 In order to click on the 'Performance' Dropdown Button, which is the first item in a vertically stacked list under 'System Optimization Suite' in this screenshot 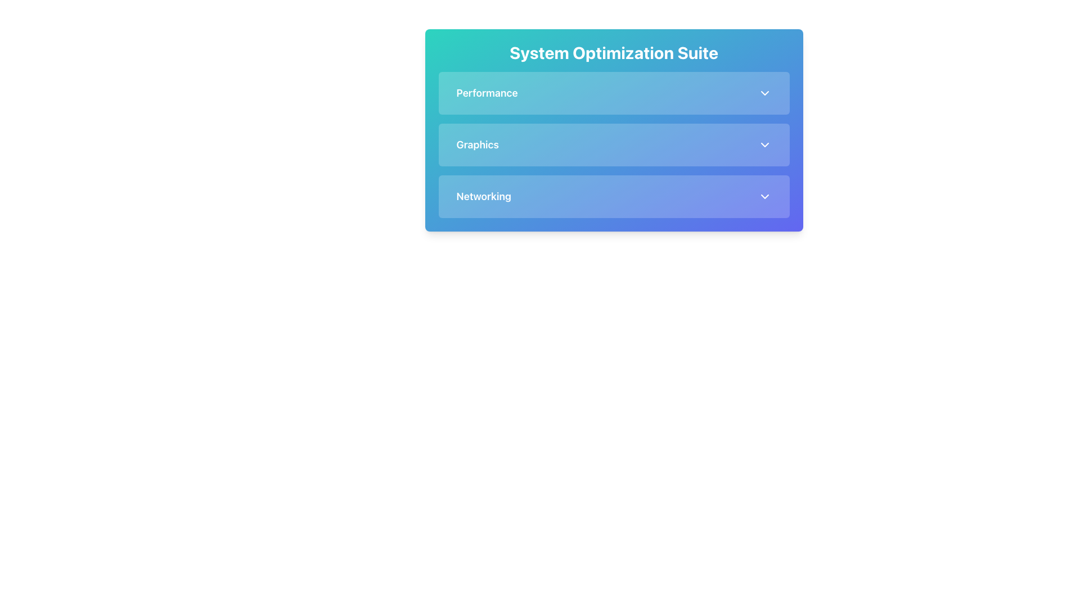, I will do `click(613, 92)`.